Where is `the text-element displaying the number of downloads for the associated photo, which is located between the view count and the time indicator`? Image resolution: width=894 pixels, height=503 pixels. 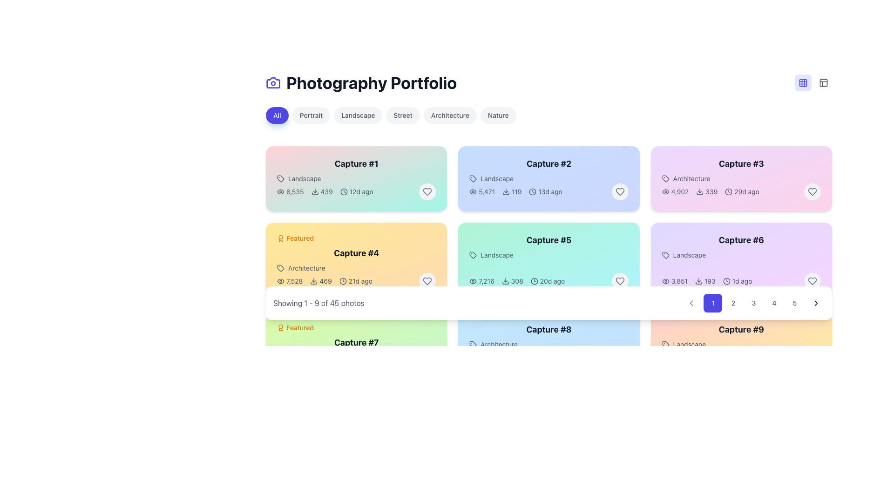 the text-element displaying the number of downloads for the associated photo, which is located between the view count and the time indicator is located at coordinates (322, 191).